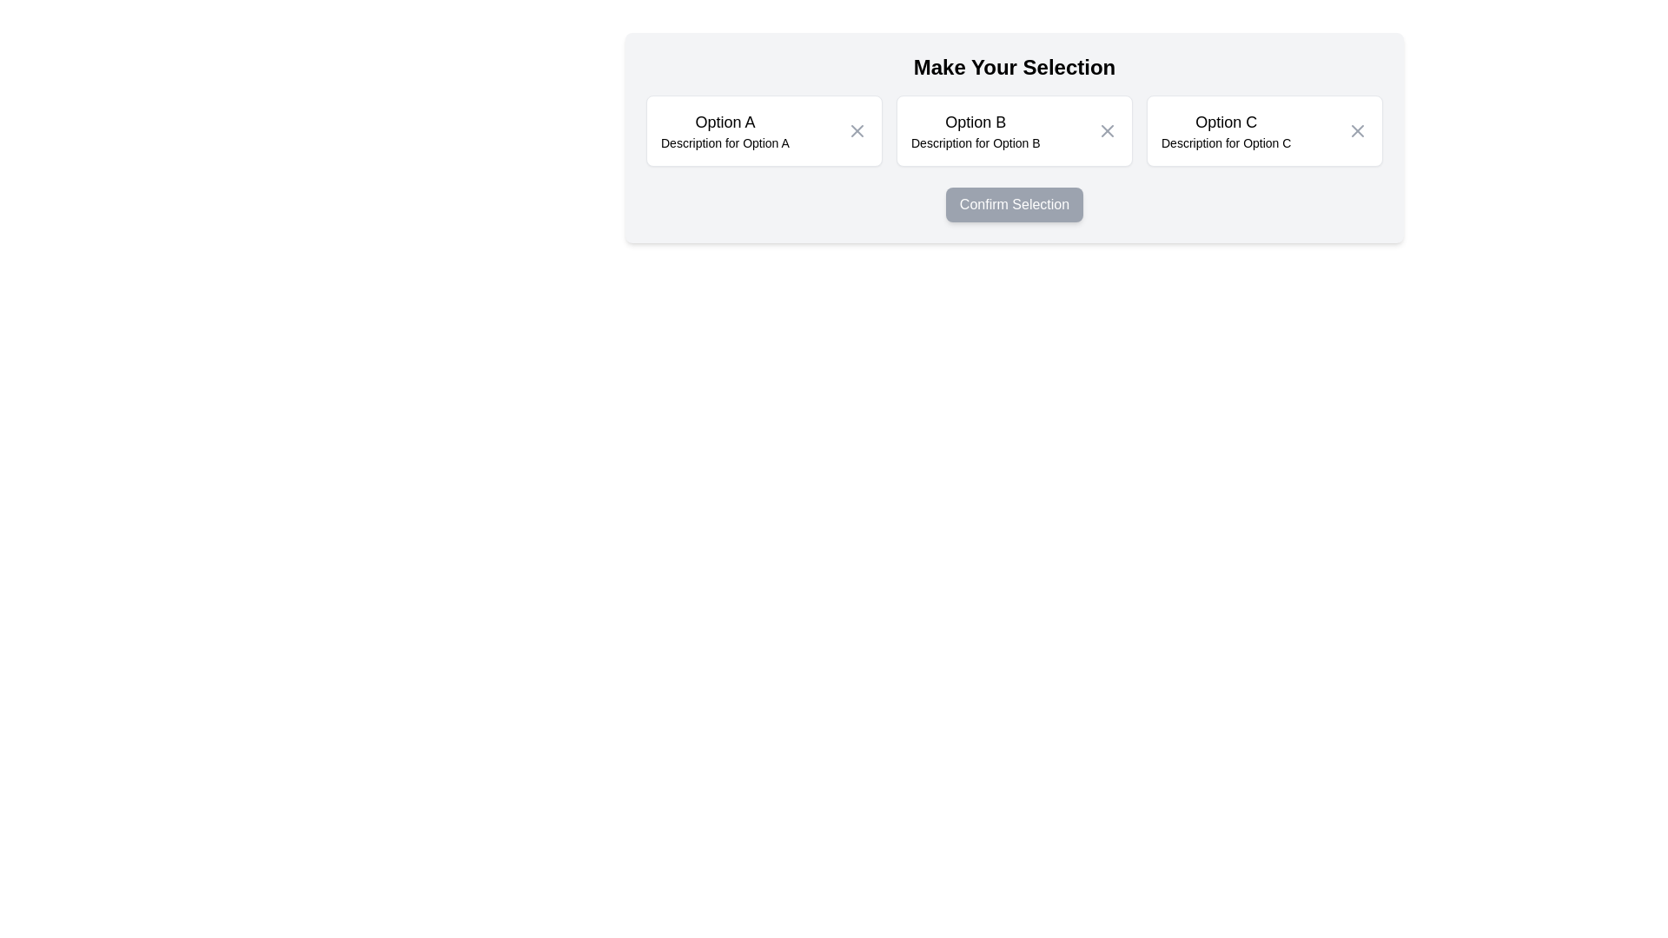 The width and height of the screenshot is (1668, 938). Describe the element at coordinates (976, 142) in the screenshot. I see `the descriptive text label for 'Option B', which is located directly below the title 'Option B' in the middle card of a three-column layout` at that location.